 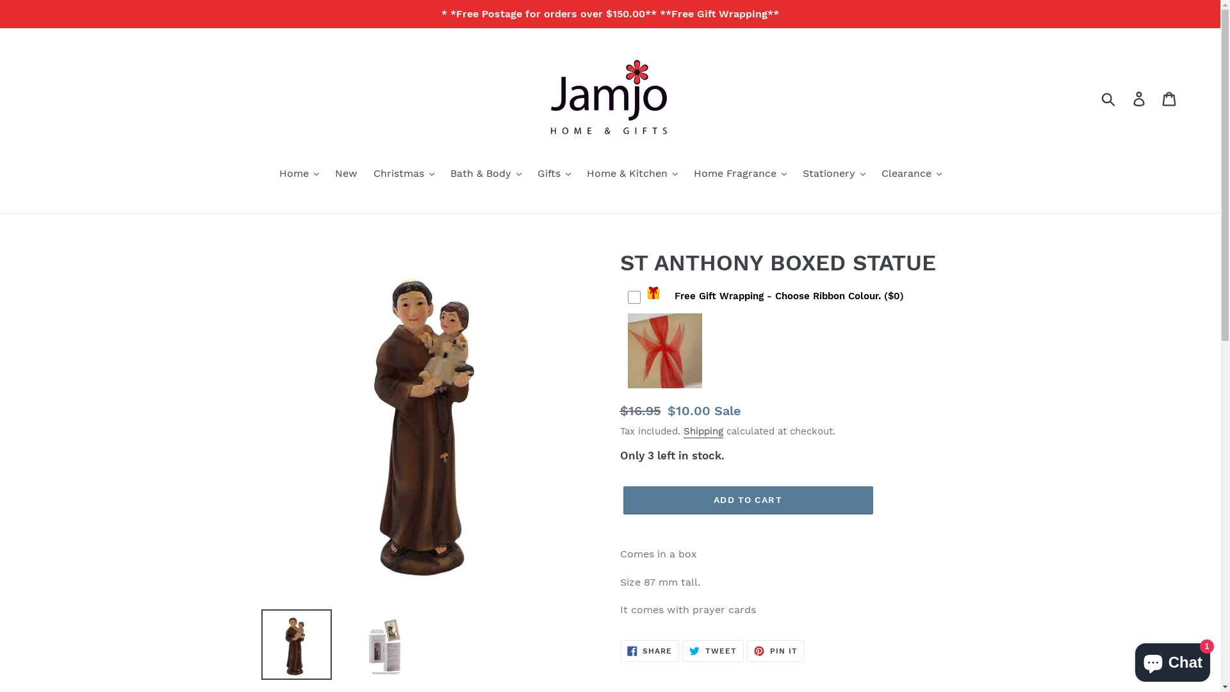 What do you see at coordinates (1172, 659) in the screenshot?
I see `'Shopify online store chat'` at bounding box center [1172, 659].